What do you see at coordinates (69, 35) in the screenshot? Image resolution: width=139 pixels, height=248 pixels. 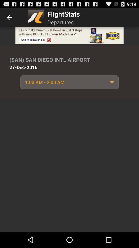 I see `advertisement click` at bounding box center [69, 35].